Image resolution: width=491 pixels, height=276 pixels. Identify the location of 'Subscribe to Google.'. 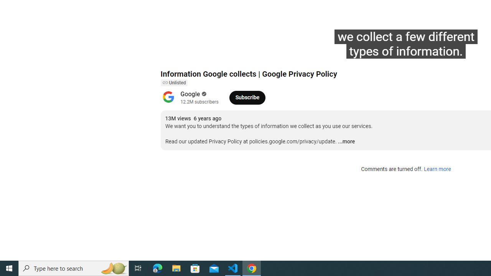
(247, 97).